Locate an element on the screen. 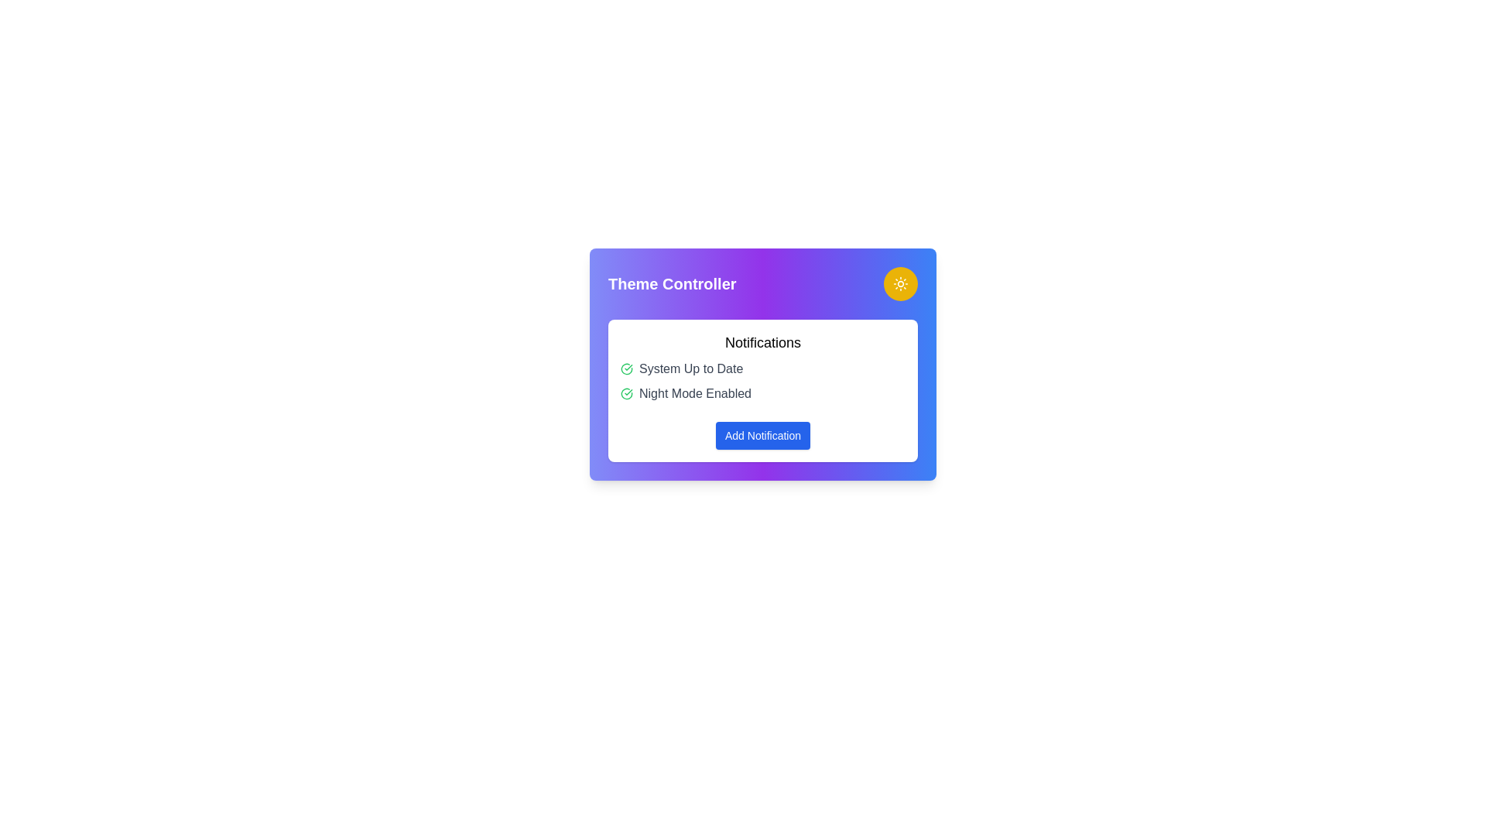 The height and width of the screenshot is (836, 1486). the sun icon located within the yellow rounded button at the top-right corner of the 'Theme Controller' card is located at coordinates (900, 283).